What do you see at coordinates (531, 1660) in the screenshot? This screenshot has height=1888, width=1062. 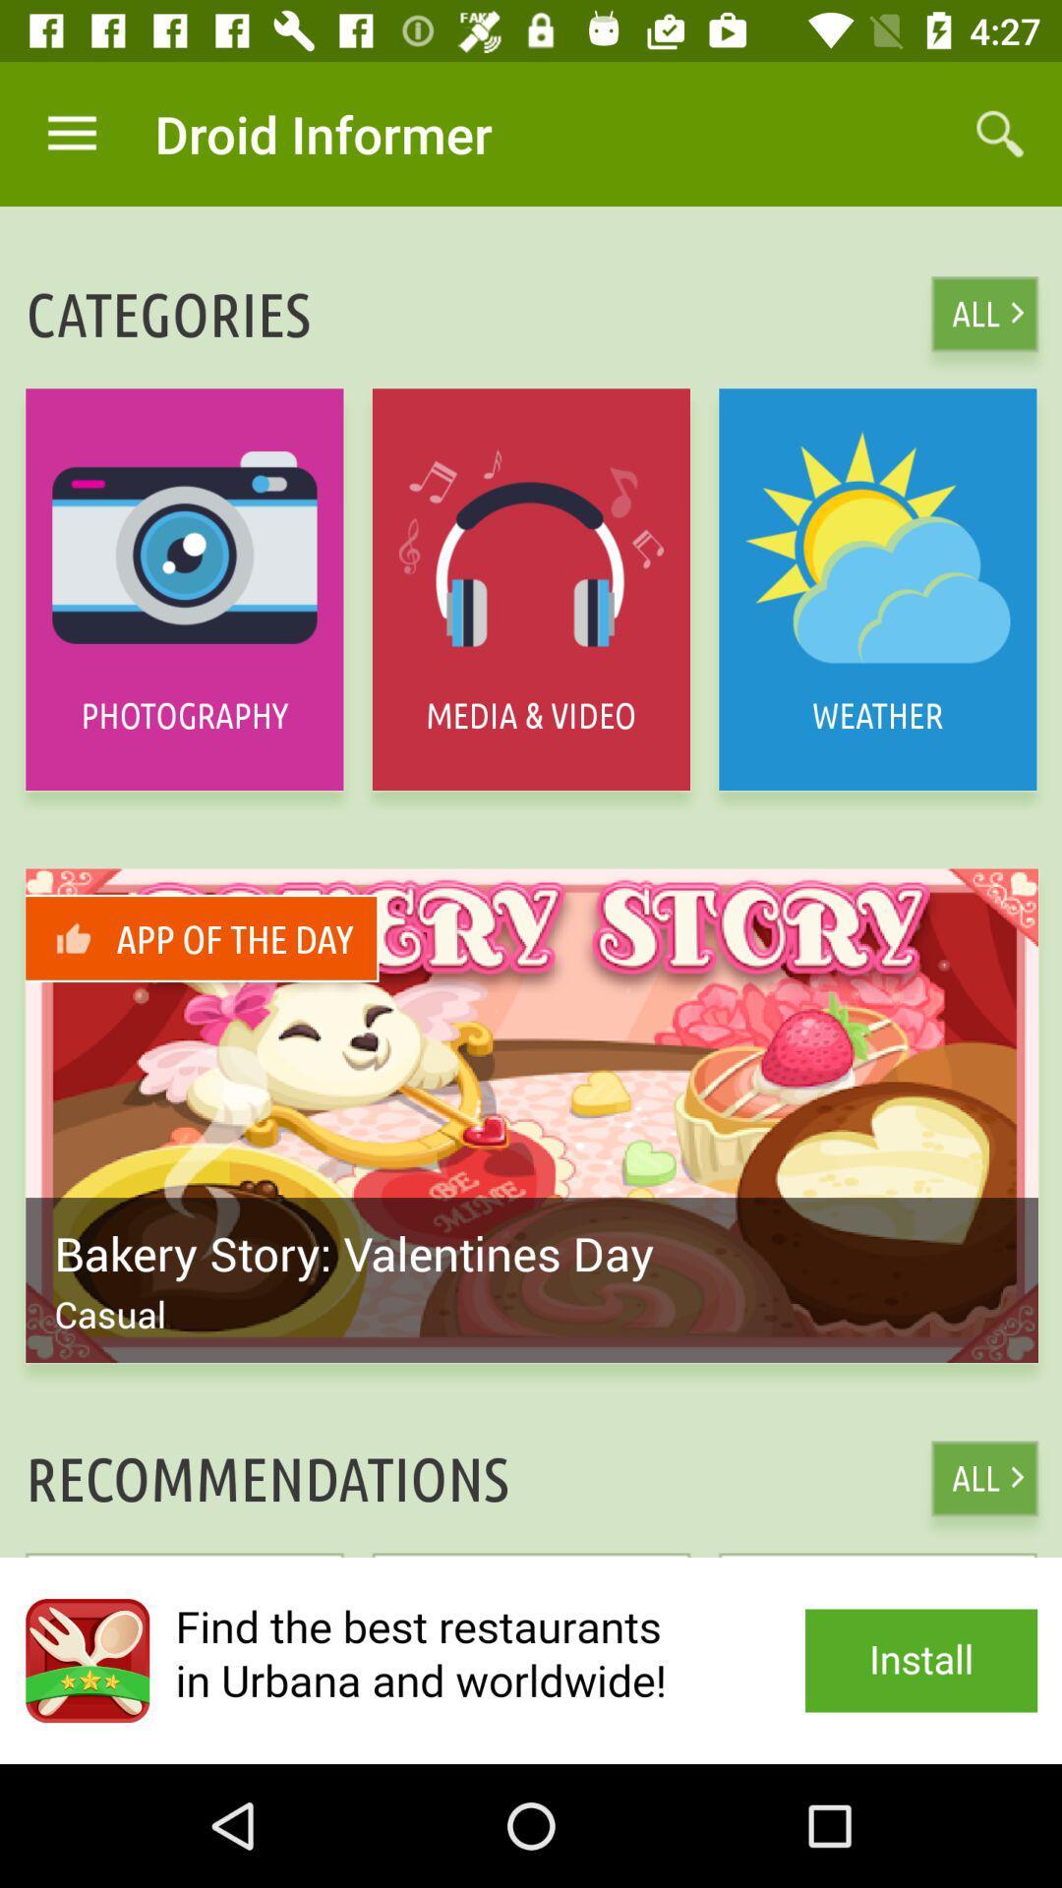 I see `advertisement` at bounding box center [531, 1660].